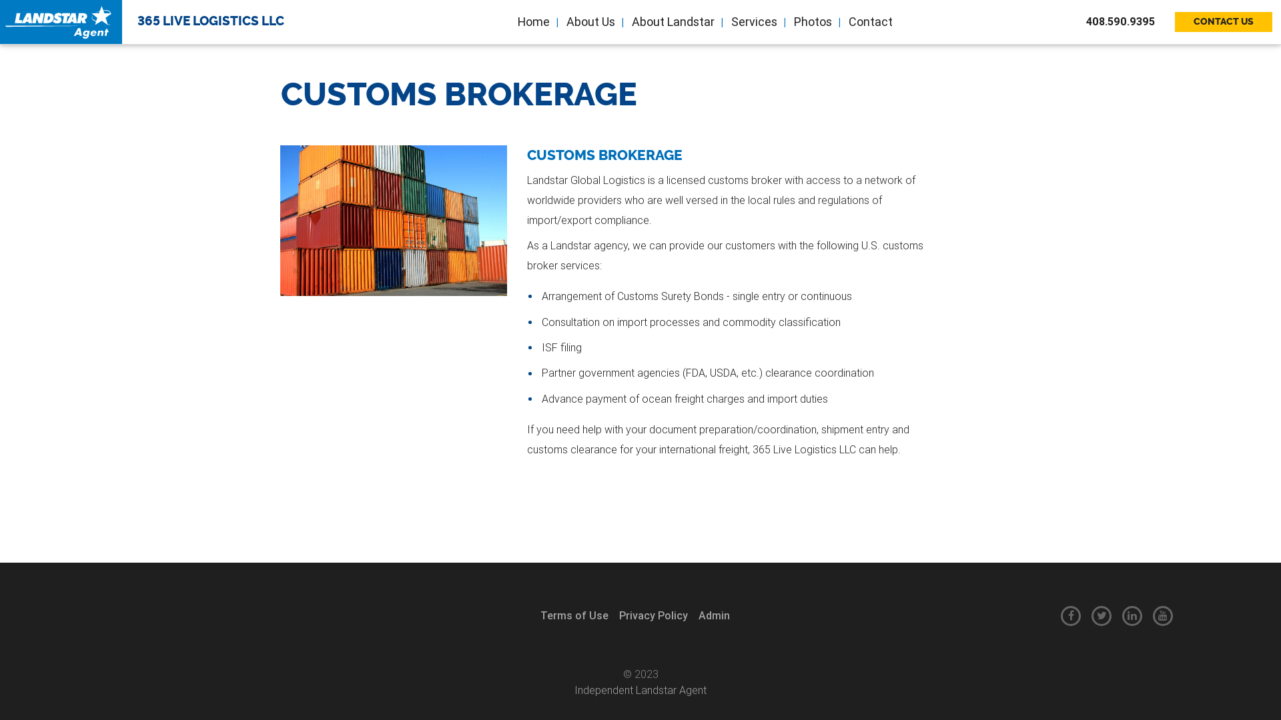 The width and height of the screenshot is (1281, 720). What do you see at coordinates (723, 21) in the screenshot?
I see `'Services'` at bounding box center [723, 21].